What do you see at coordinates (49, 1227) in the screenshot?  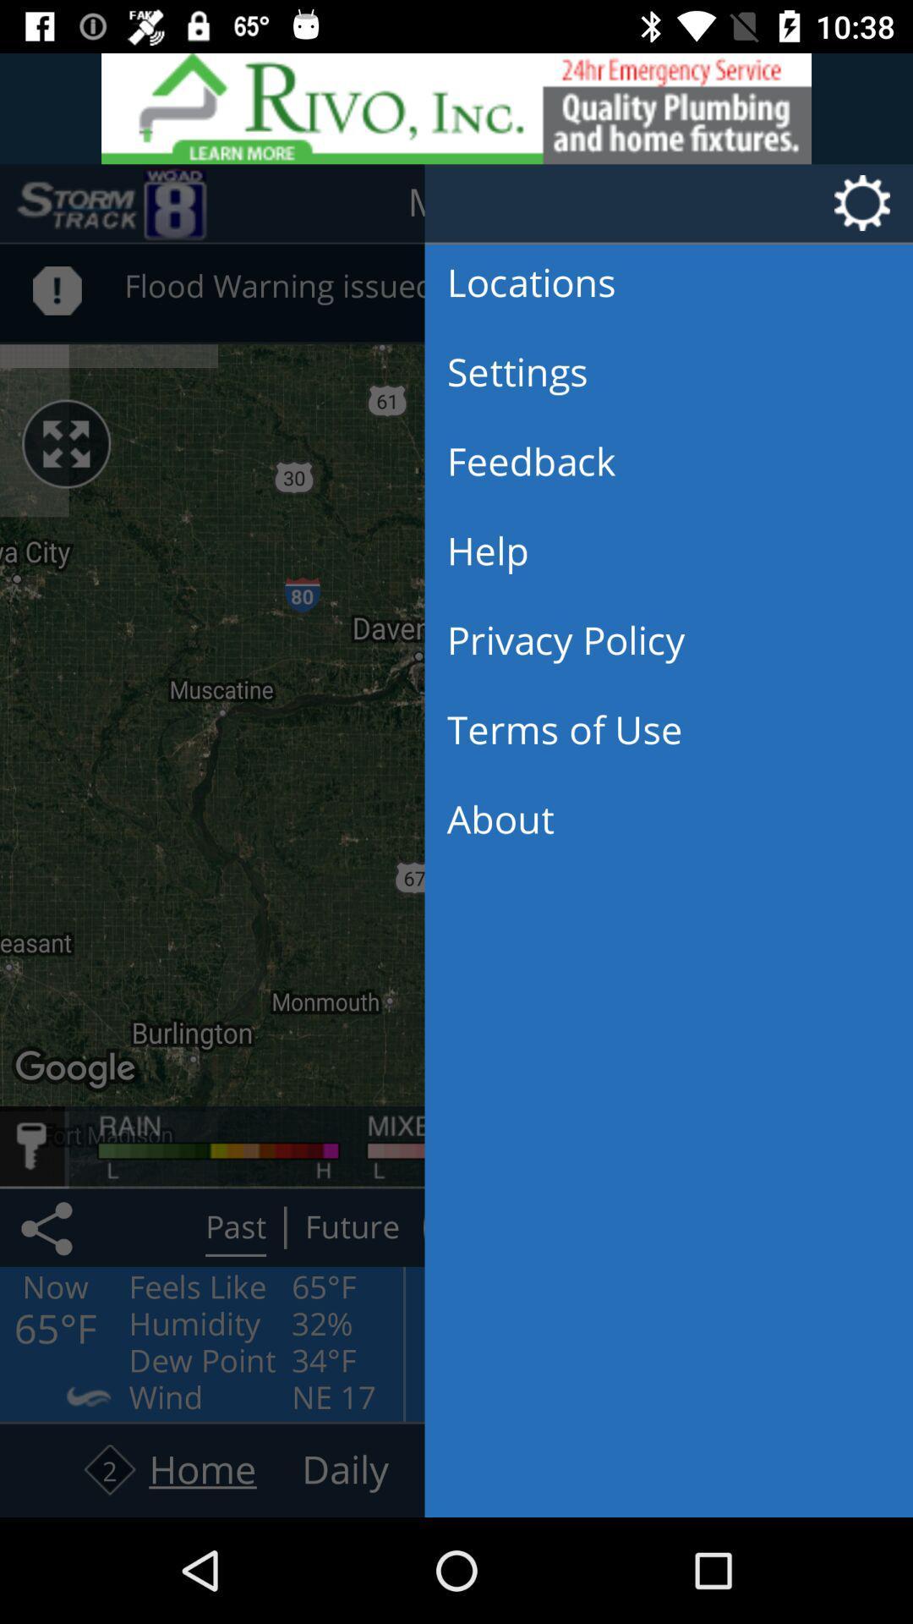 I see `the share icon` at bounding box center [49, 1227].